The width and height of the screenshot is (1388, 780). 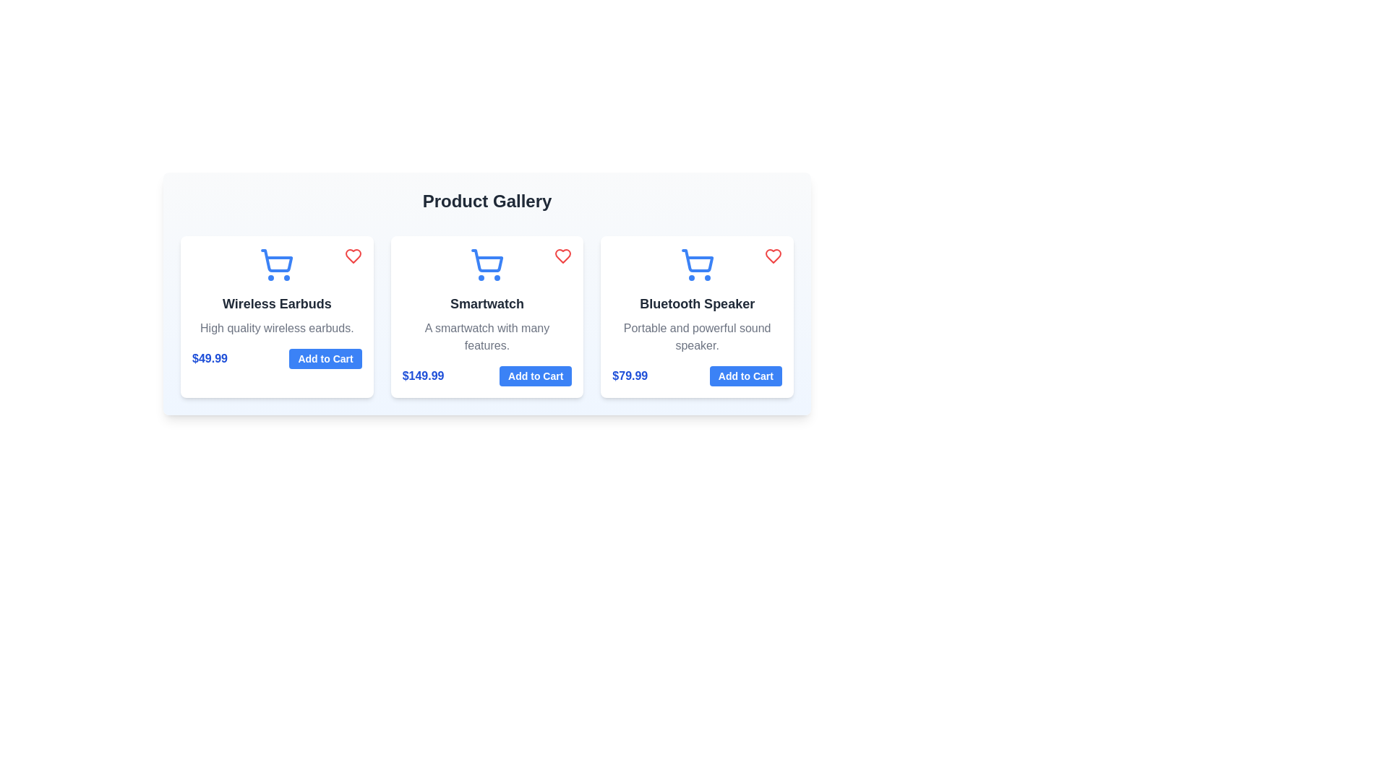 I want to click on the product card for Smartwatch to view its details, so click(x=487, y=316).